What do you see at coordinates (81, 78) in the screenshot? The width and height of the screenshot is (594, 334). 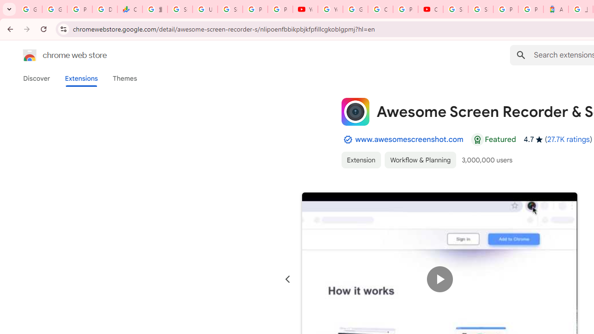 I see `'Extensions'` at bounding box center [81, 78].